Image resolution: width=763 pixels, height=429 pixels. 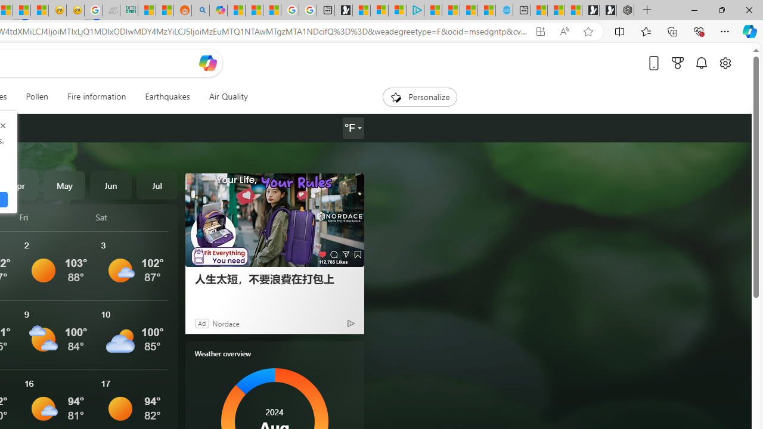 What do you see at coordinates (200, 10) in the screenshot?
I see `'Utah sues federal government - Search'` at bounding box center [200, 10].